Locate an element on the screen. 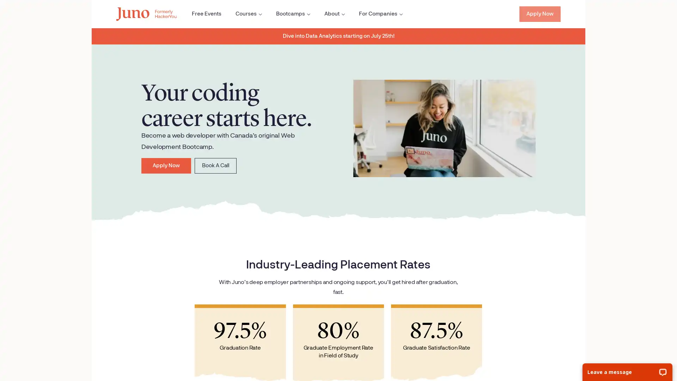 This screenshot has width=677, height=381. Open the Bootcamps sub menu. is located at coordinates (287, 14).